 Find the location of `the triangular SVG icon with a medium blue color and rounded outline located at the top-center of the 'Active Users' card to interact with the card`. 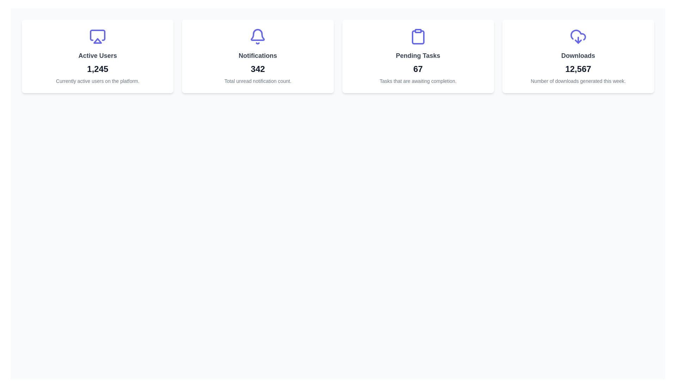

the triangular SVG icon with a medium blue color and rounded outline located at the top-center of the 'Active Users' card to interact with the card is located at coordinates (97, 37).